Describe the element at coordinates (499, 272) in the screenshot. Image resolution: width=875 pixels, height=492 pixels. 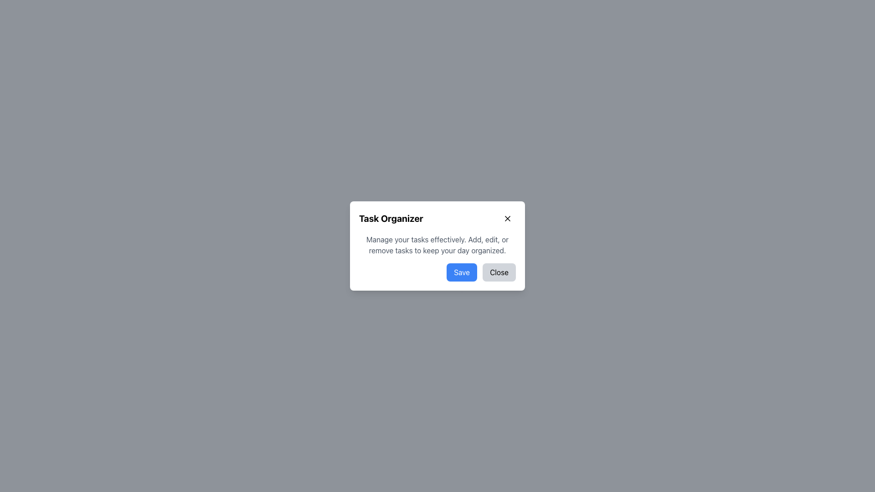
I see `the 'Close' button, which is a rectangular button with rounded corners and a light gray background that darkens when hovered over` at that location.